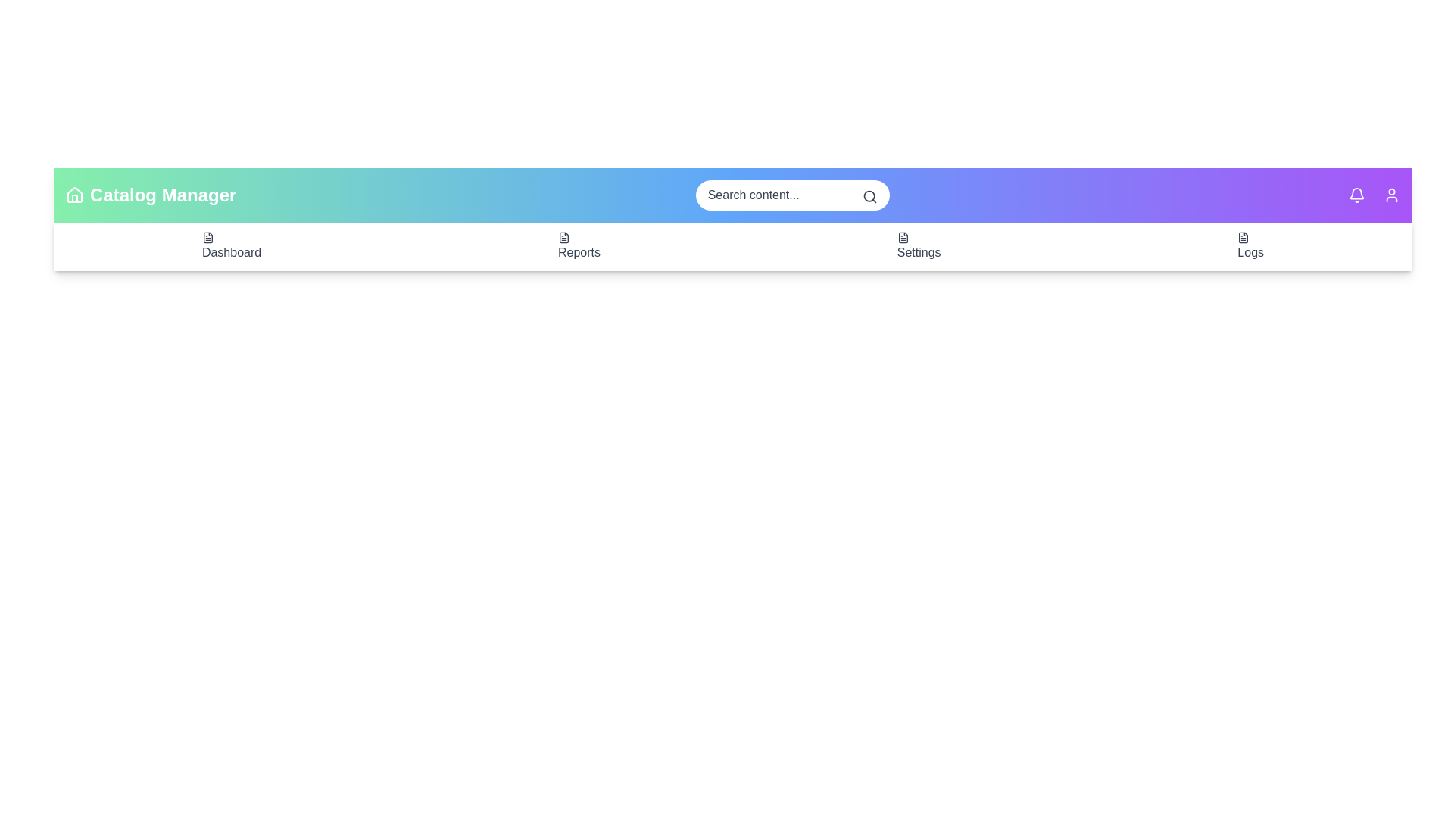 The height and width of the screenshot is (818, 1454). What do you see at coordinates (1250, 246) in the screenshot?
I see `'Logs' menu item to view logs` at bounding box center [1250, 246].